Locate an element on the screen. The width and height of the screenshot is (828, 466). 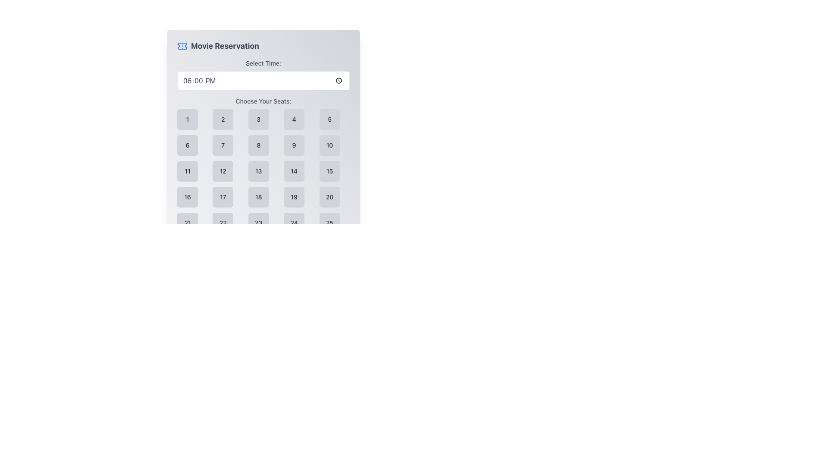
the Time picker input field labeled 'Select Time:' is located at coordinates (263, 74).